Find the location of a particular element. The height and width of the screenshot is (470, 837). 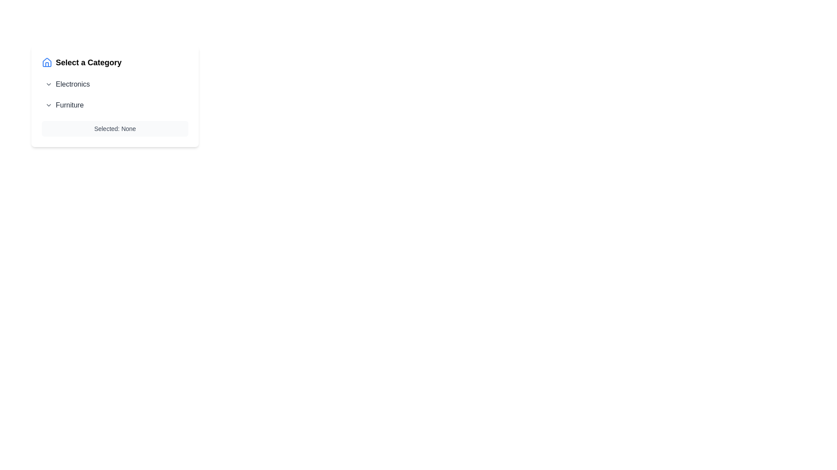

text label for the 'Electronics' category, which identifies this category in the UI and is positioned to the right of its dropdown arrow icon within the 'Select a Category' section is located at coordinates (73, 84).